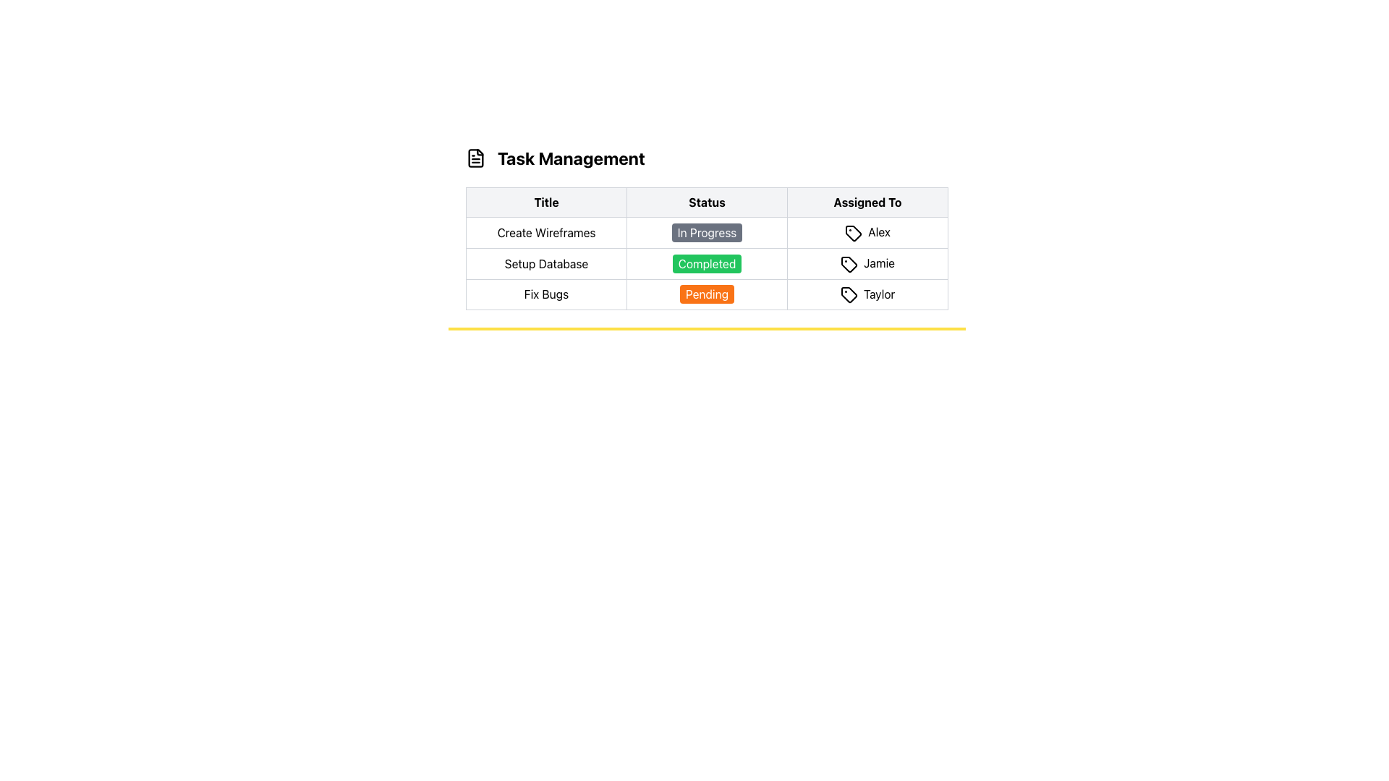 Image resolution: width=1389 pixels, height=781 pixels. What do you see at coordinates (707, 263) in the screenshot?
I see `the green button-like Status Label that displays 'Completed' in white, found in the second row of the table under the 'Status' column for the task titled 'Setup Database'` at bounding box center [707, 263].